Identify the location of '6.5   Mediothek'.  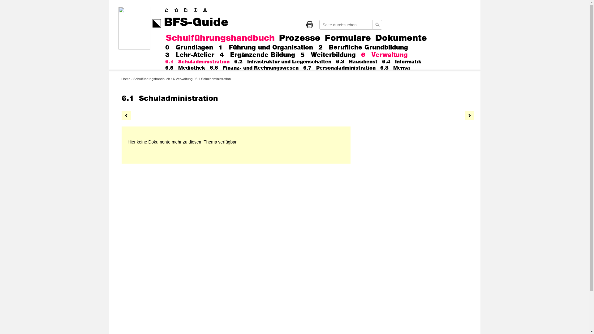
(185, 68).